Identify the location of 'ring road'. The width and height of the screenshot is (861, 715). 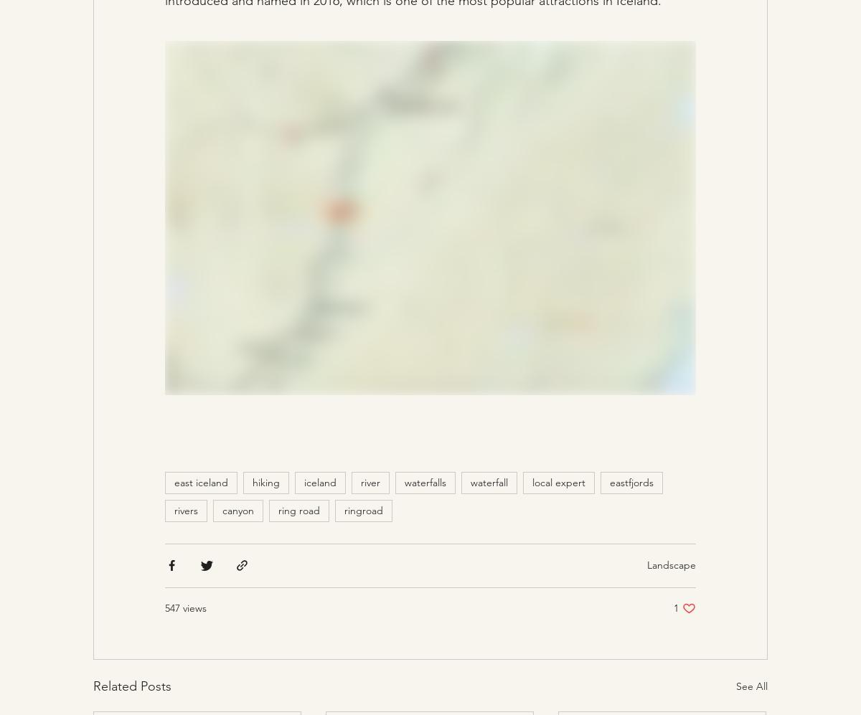
(278, 508).